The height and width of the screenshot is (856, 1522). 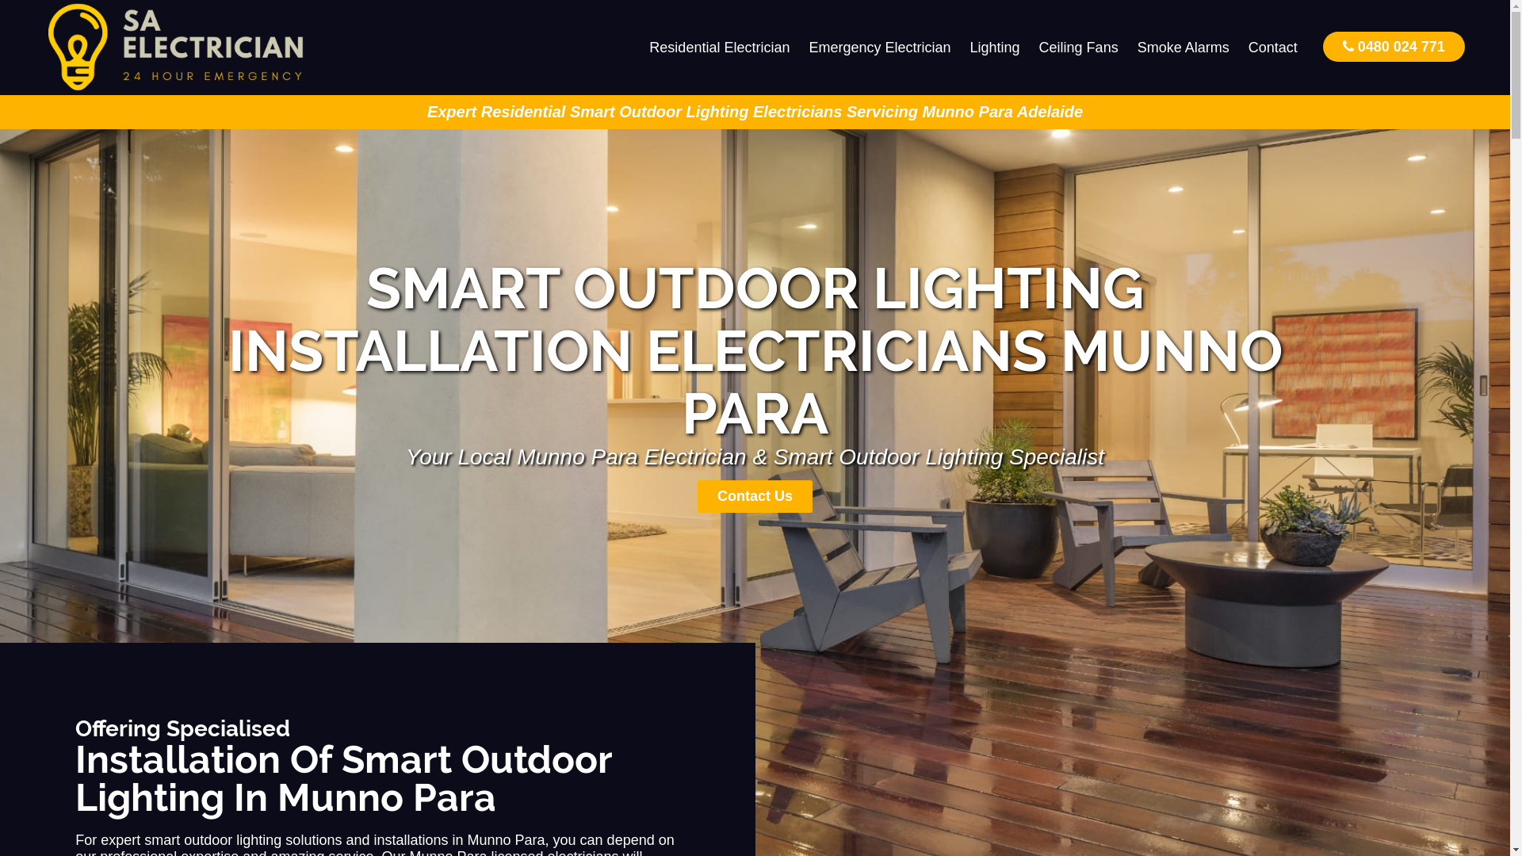 What do you see at coordinates (1030, 47) in the screenshot?
I see `'Ceiling Fans'` at bounding box center [1030, 47].